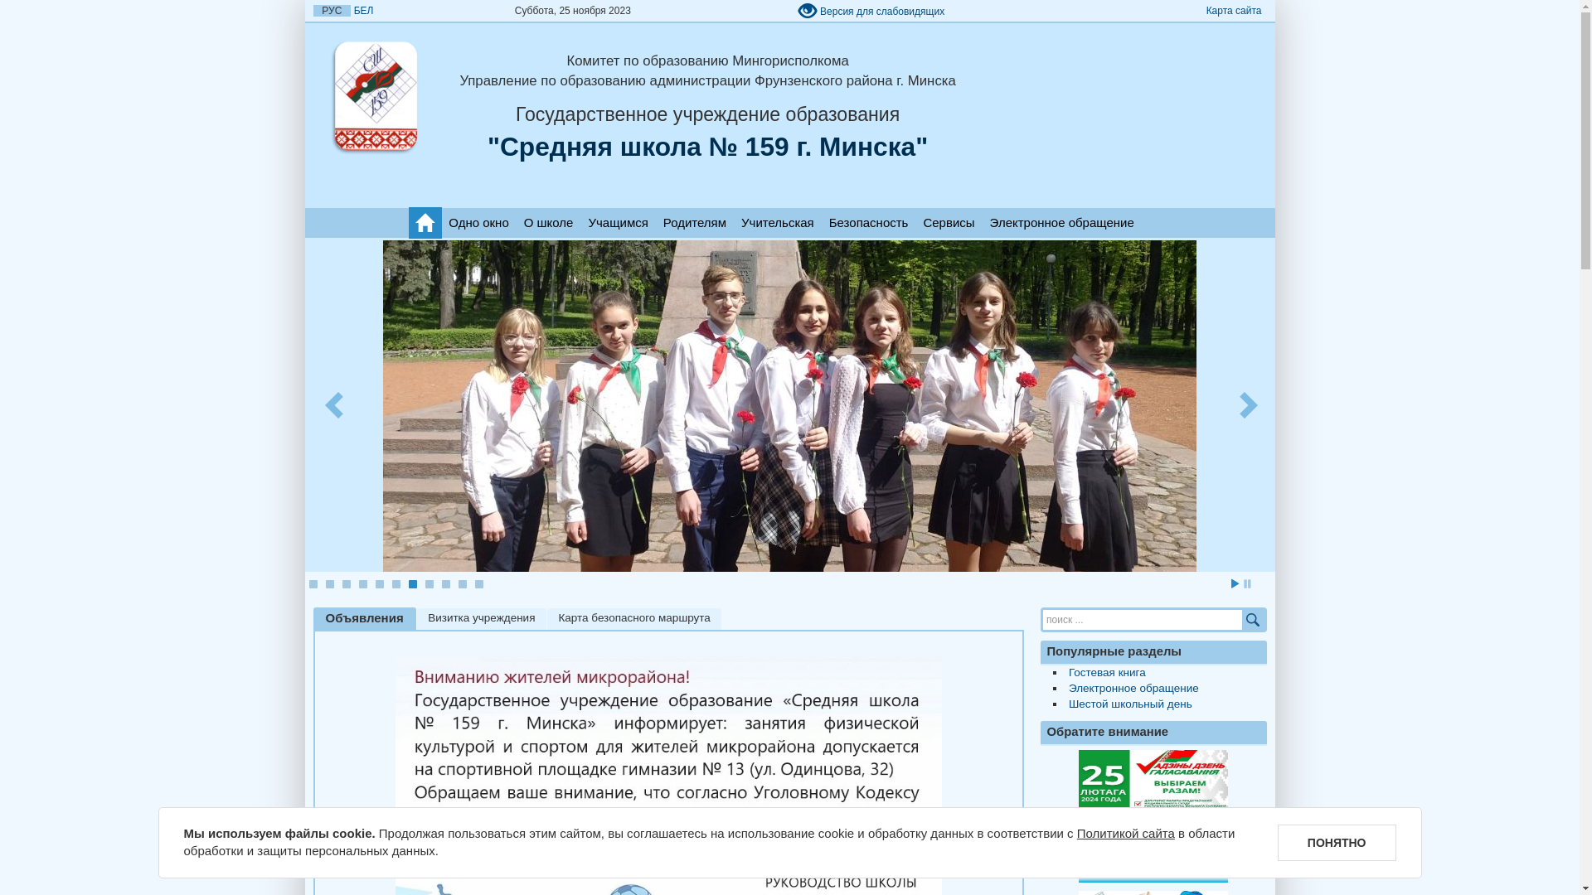  Describe the element at coordinates (477, 583) in the screenshot. I see `'11'` at that location.